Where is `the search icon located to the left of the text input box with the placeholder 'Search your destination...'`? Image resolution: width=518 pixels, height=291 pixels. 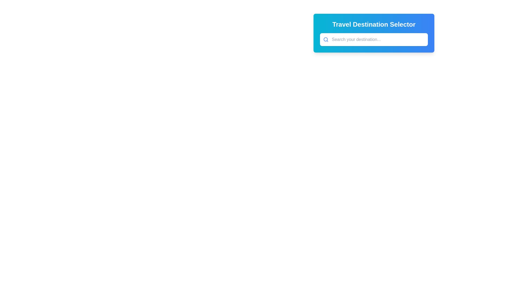 the search icon located to the left of the text input box with the placeholder 'Search your destination...' is located at coordinates (326, 39).